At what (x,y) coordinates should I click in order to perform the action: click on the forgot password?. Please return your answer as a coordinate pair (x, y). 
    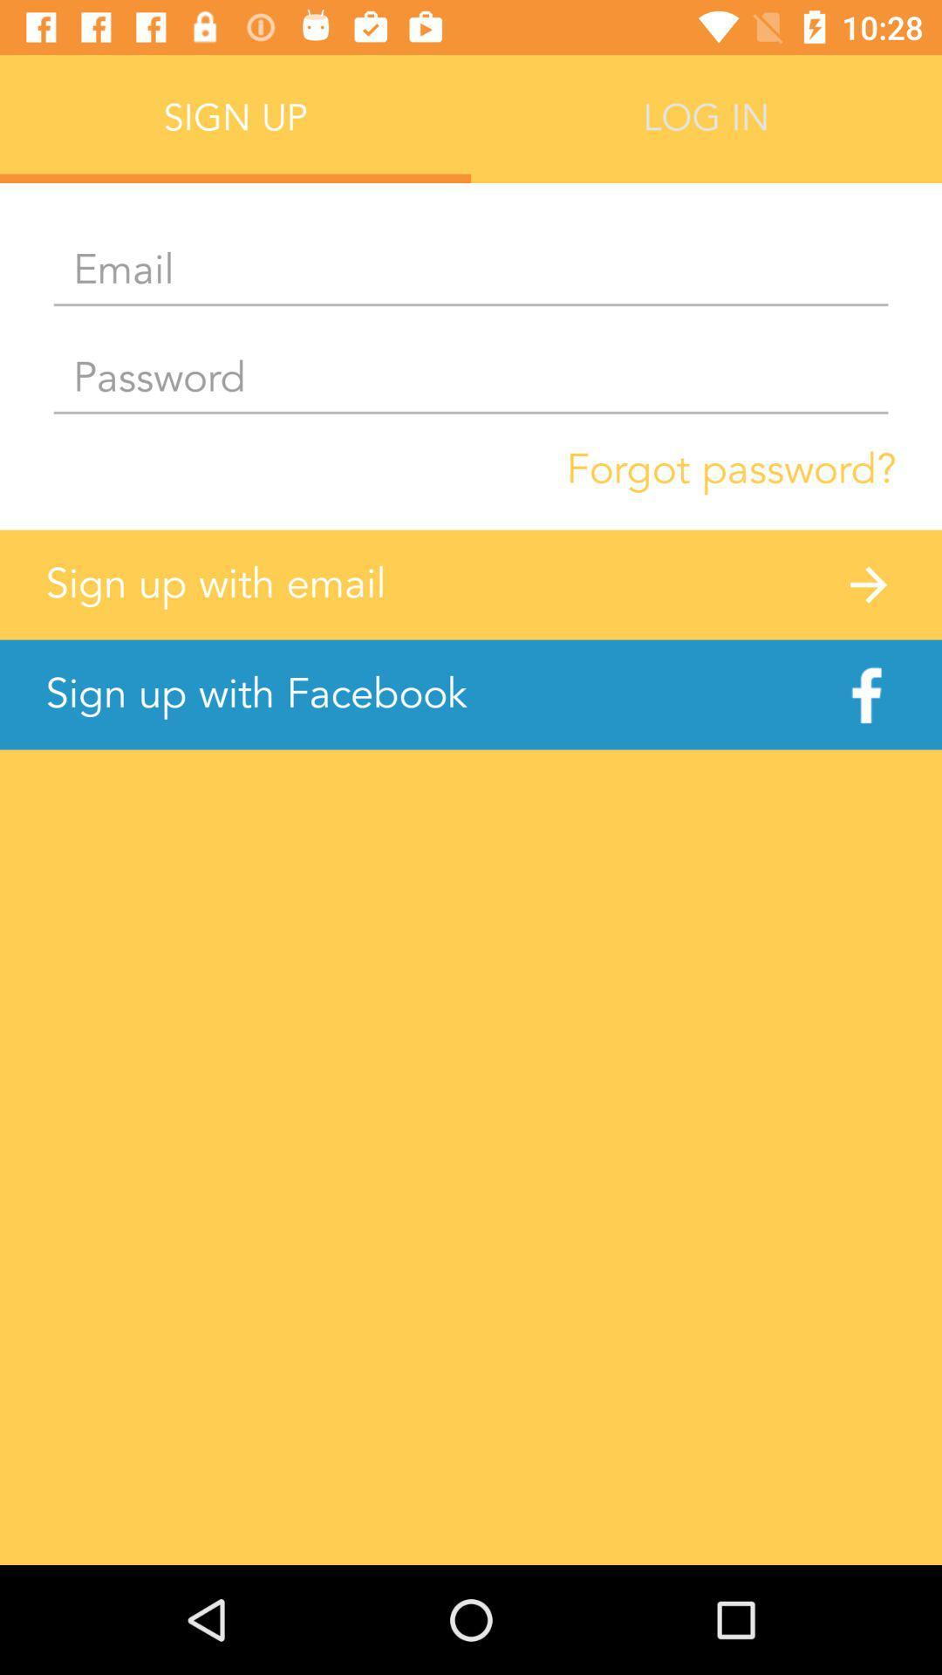
    Looking at the image, I should click on (731, 469).